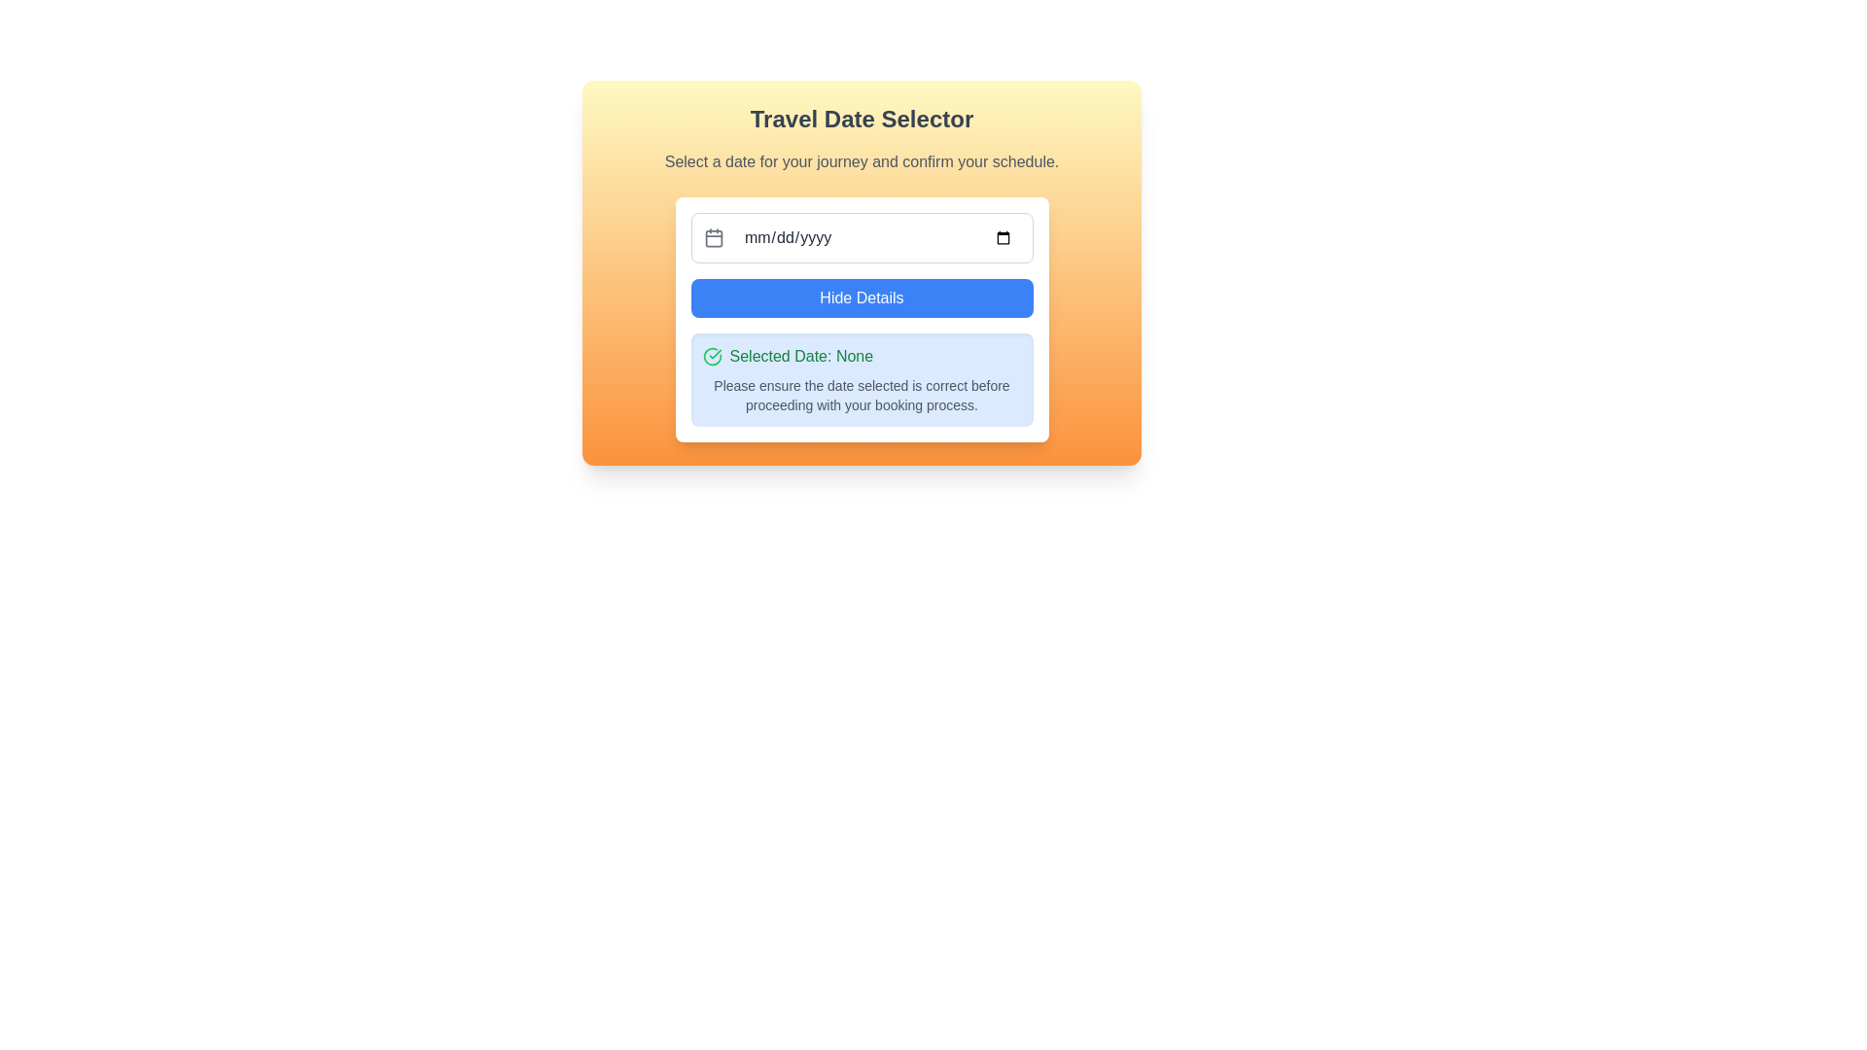 Image resolution: width=1867 pixels, height=1050 pixels. What do you see at coordinates (861, 318) in the screenshot?
I see `the date selection utility located below the 'Travel Date Selector' heading to read the informational text` at bounding box center [861, 318].